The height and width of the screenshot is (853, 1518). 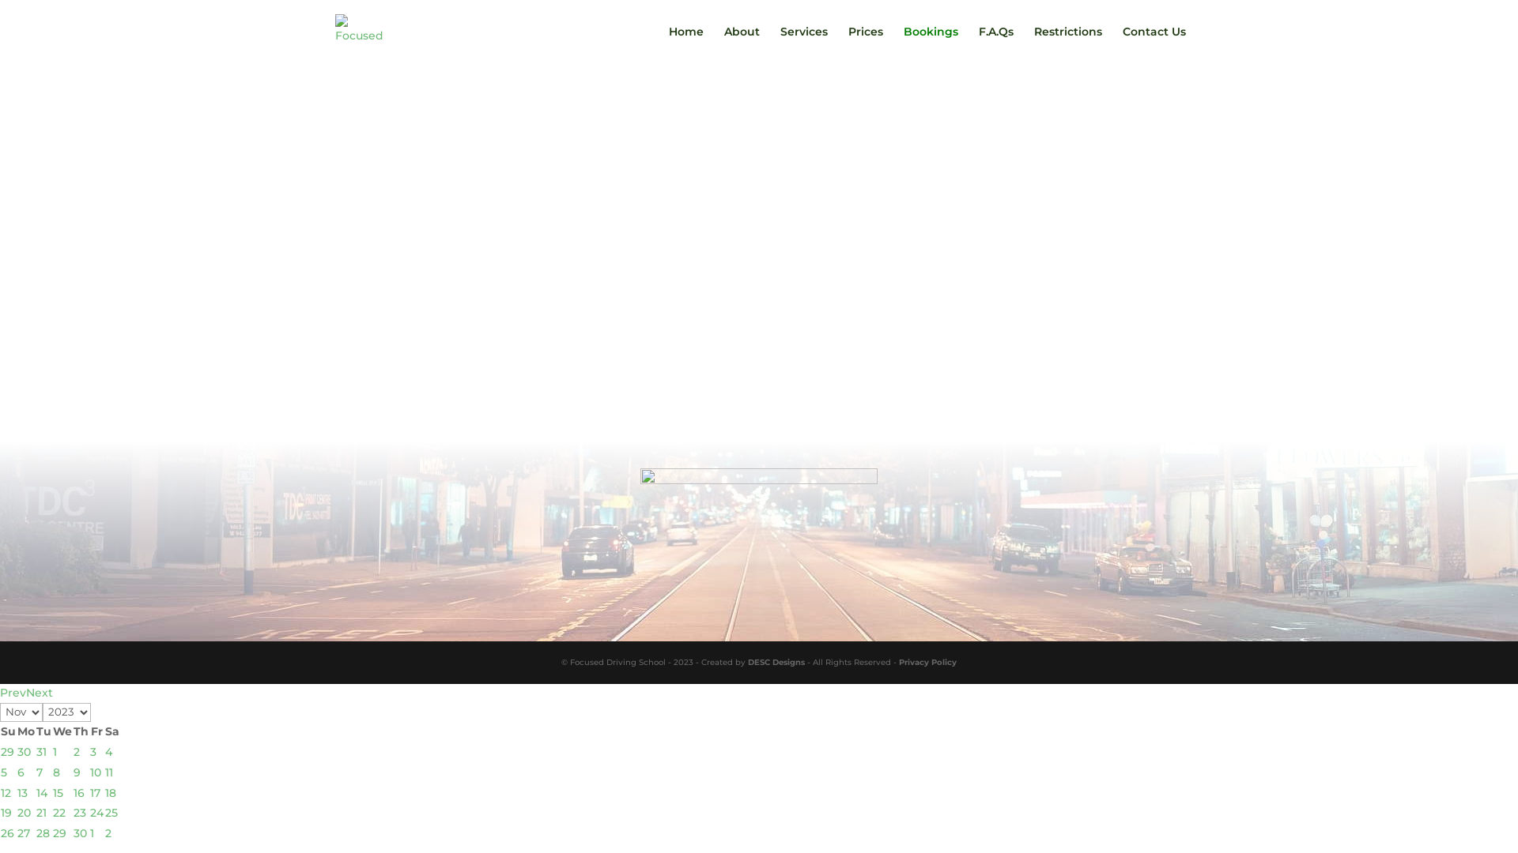 I want to click on 'About', so click(x=741, y=43).